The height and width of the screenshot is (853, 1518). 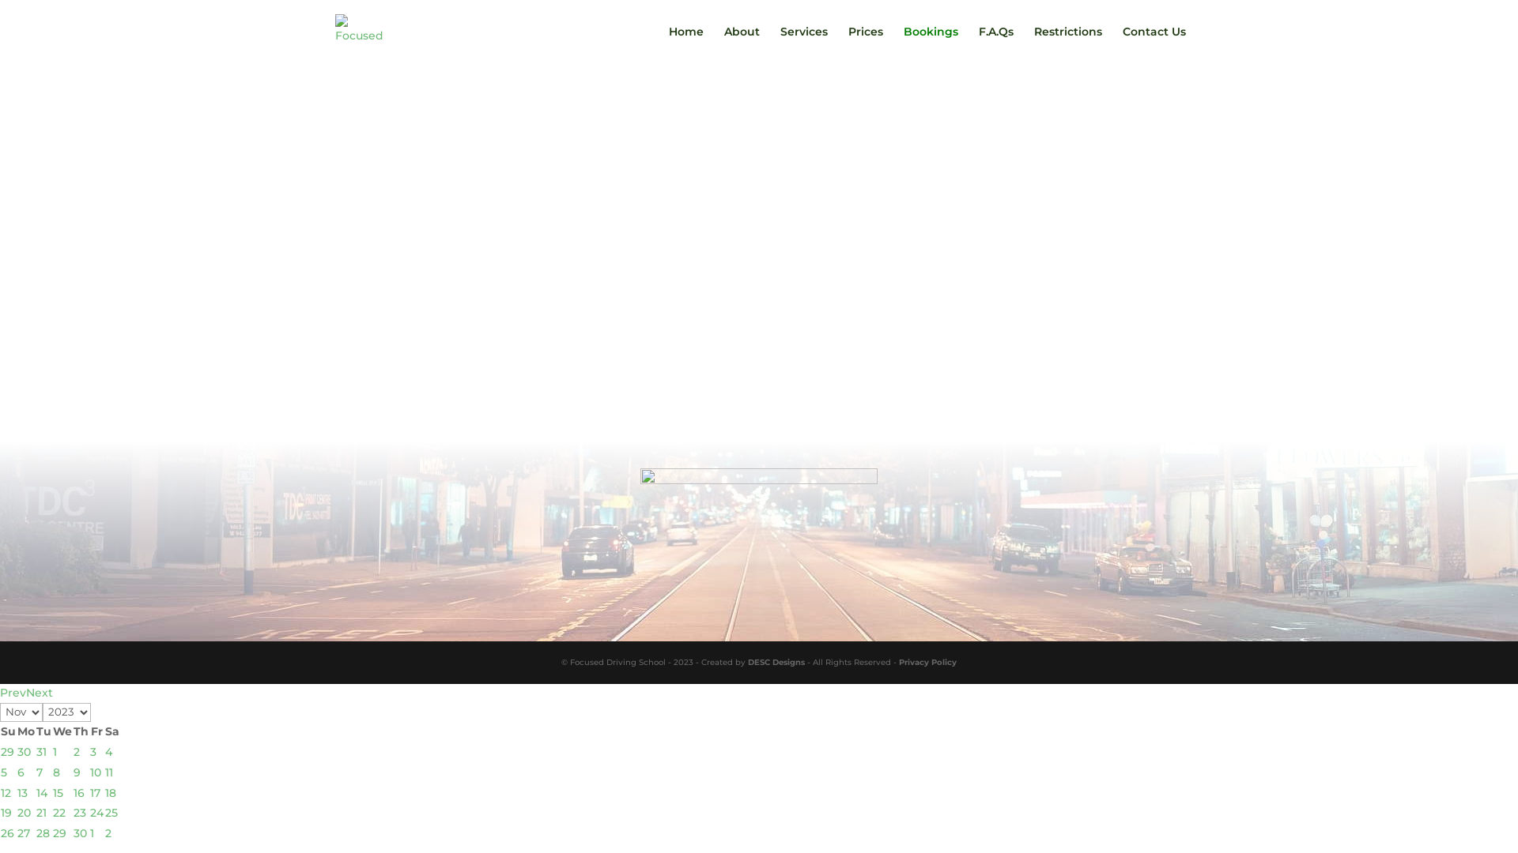 I want to click on 'About', so click(x=741, y=43).